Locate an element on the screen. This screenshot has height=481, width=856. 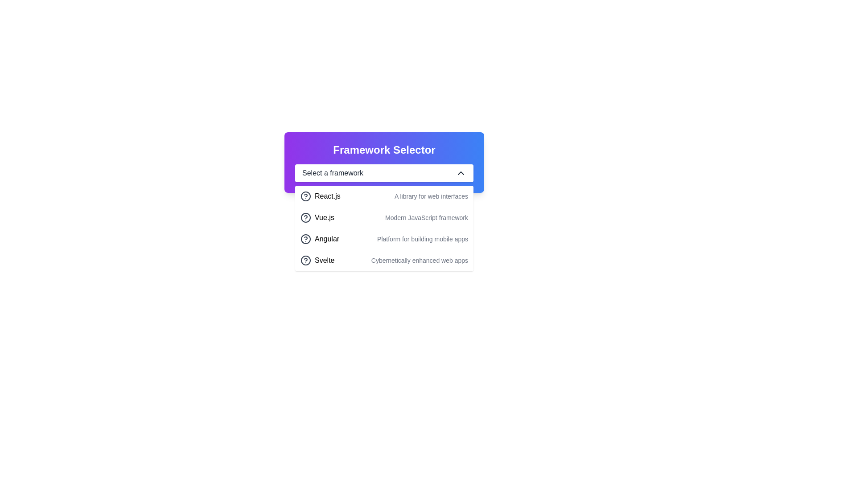
static text label that reads 'A library for web interfaces', which is located to the right of 'React.js' in the dropdown list under 'Select a framework' is located at coordinates (431, 196).